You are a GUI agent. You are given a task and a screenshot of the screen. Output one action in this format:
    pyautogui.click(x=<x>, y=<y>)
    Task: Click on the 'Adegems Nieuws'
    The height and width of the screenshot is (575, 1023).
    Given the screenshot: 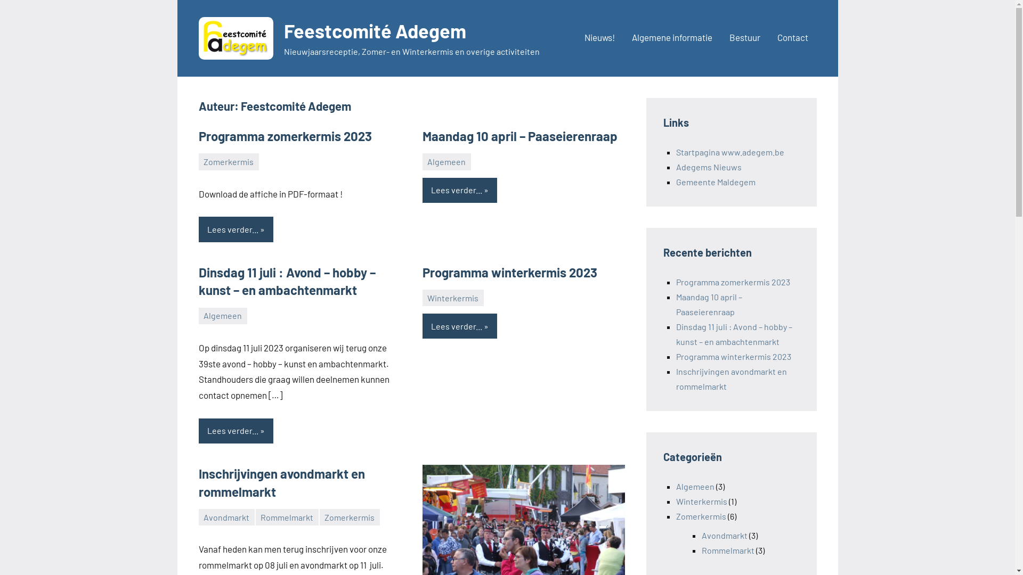 What is the action you would take?
    pyautogui.click(x=708, y=167)
    